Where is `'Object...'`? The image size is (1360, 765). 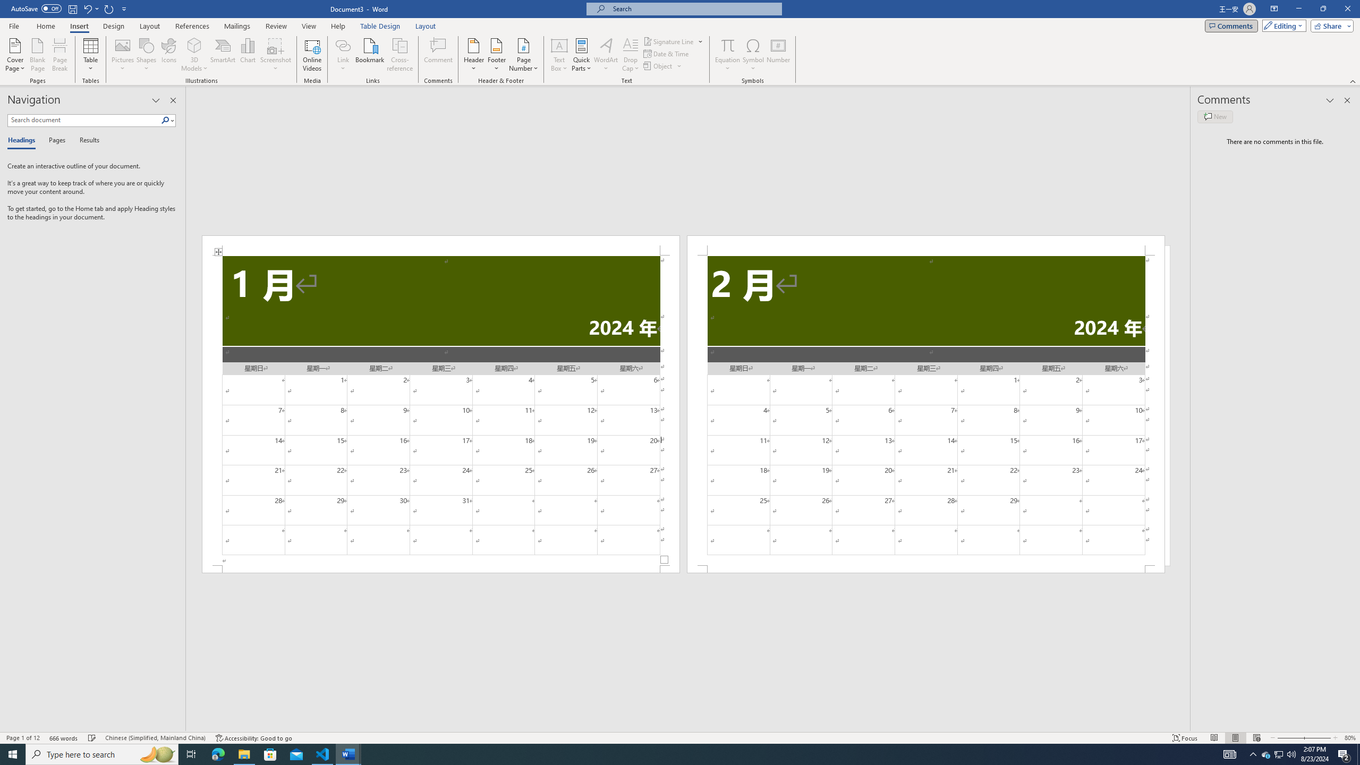 'Object...' is located at coordinates (658, 65).